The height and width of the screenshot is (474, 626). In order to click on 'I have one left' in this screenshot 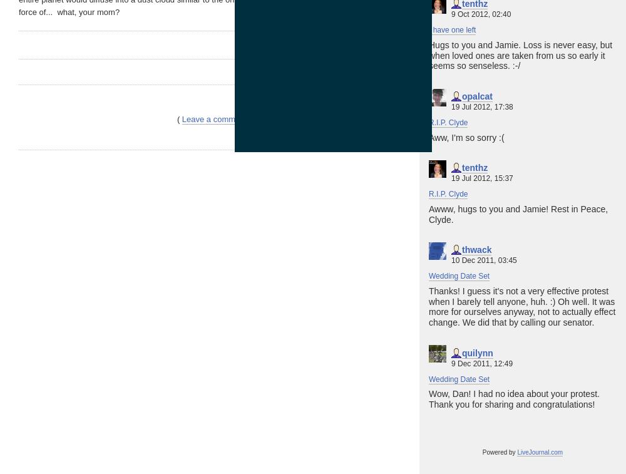, I will do `click(451, 29)`.